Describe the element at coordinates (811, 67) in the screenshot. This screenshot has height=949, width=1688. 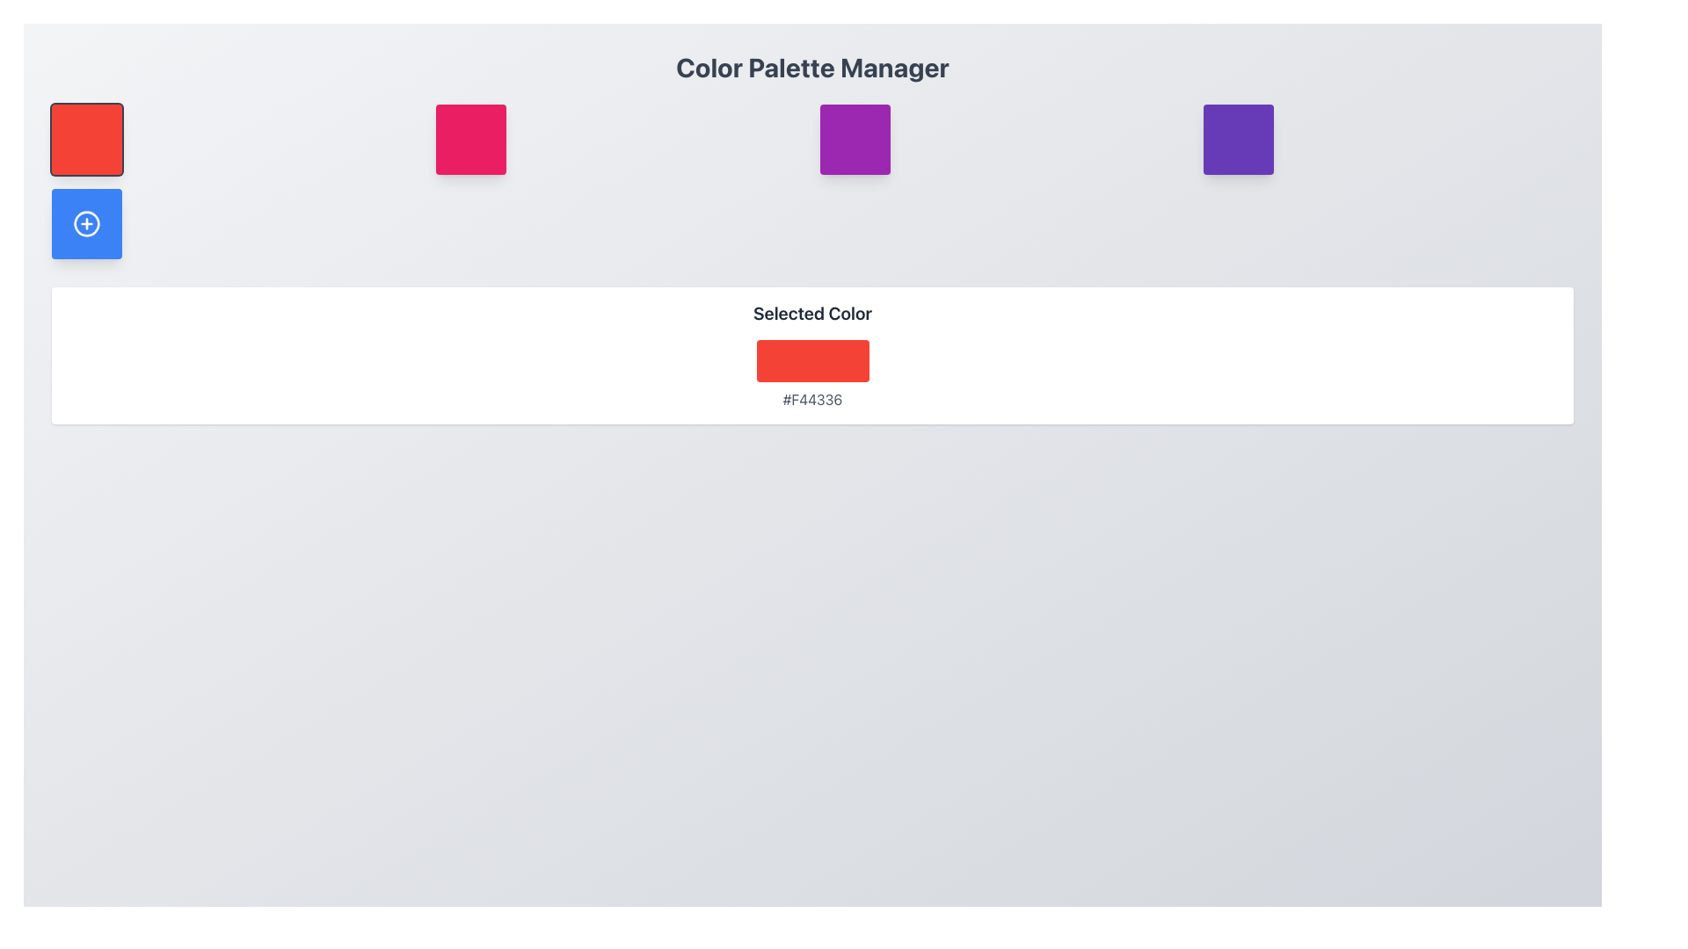
I see `text from the header element that displays 'Color Palette Manager', which is prominently positioned at the top of the interface` at that location.